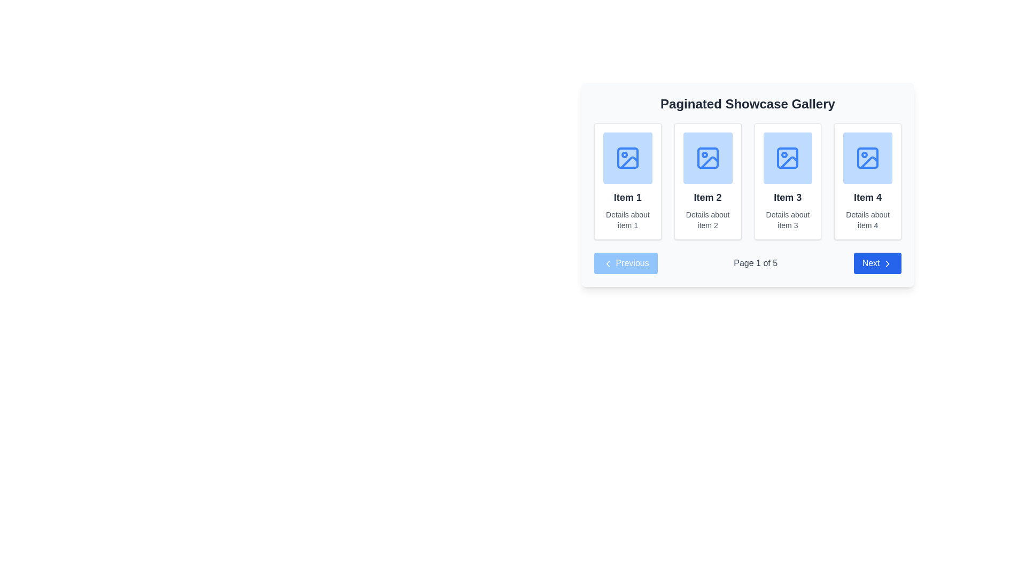  I want to click on the blue stylized icon located at the top-center of the first card titled 'Item 1', which features a circular element in the upper-left corner and a landscape suggestion at the bottom, so click(627, 158).